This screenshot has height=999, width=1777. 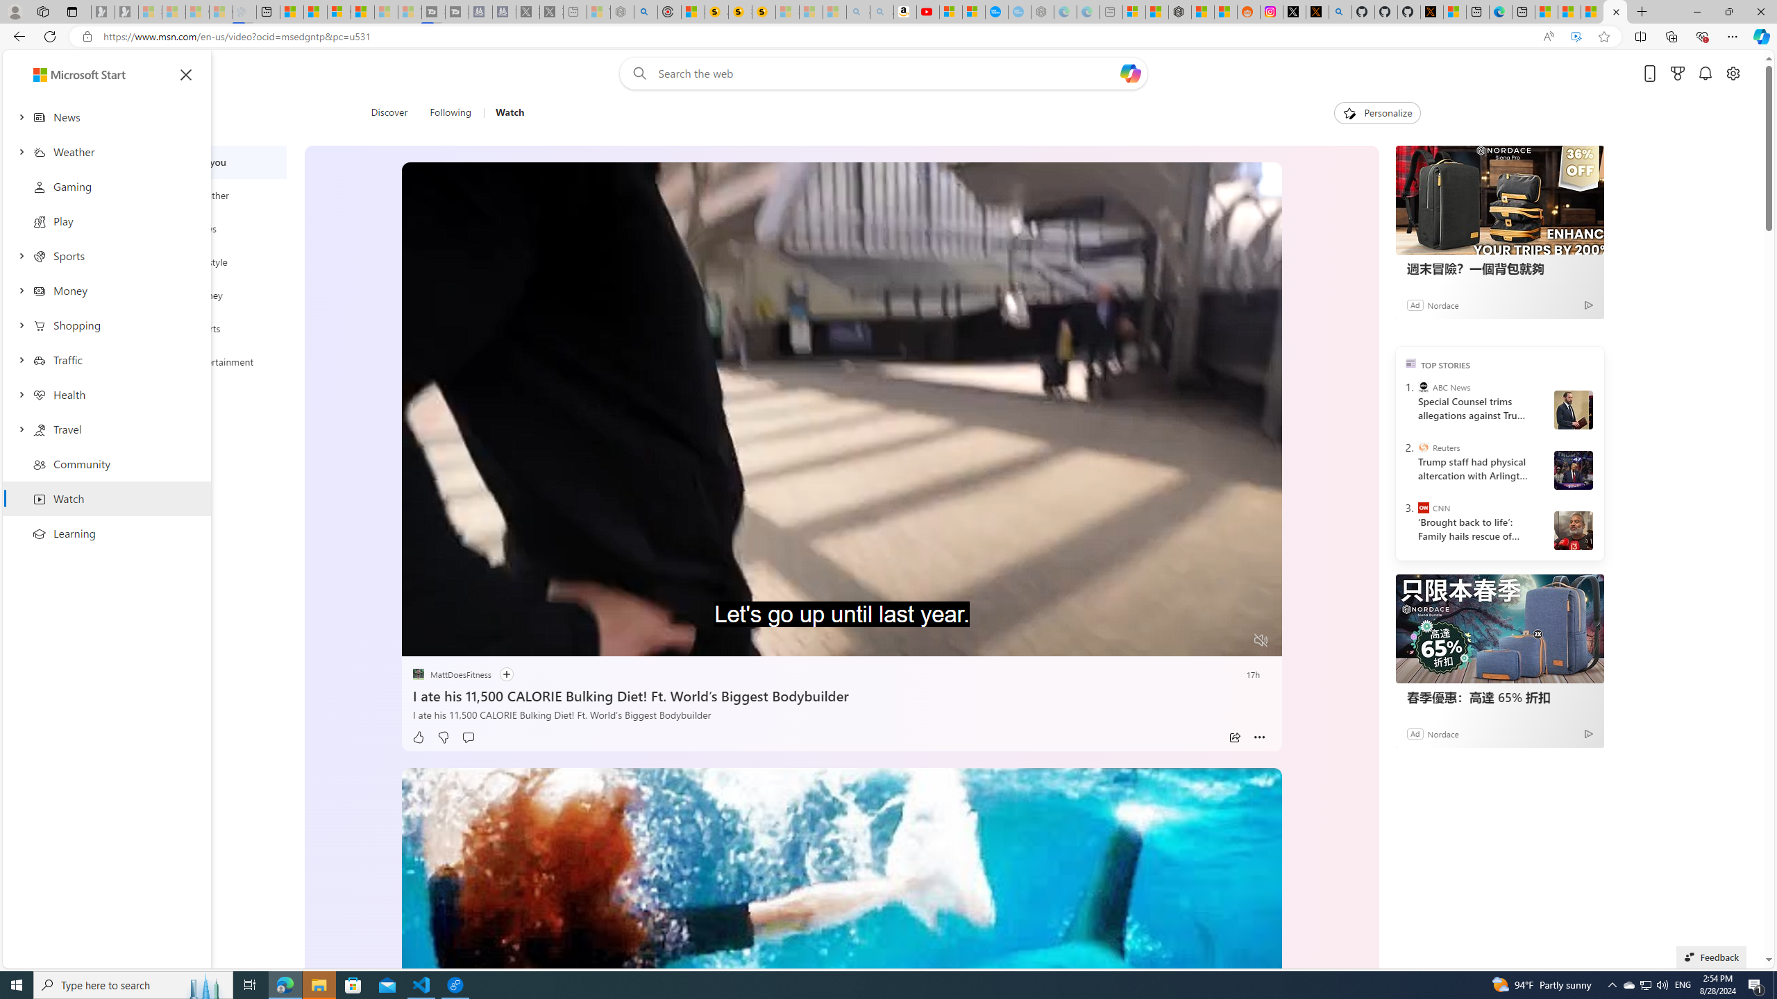 What do you see at coordinates (636, 74) in the screenshot?
I see `'Web search'` at bounding box center [636, 74].